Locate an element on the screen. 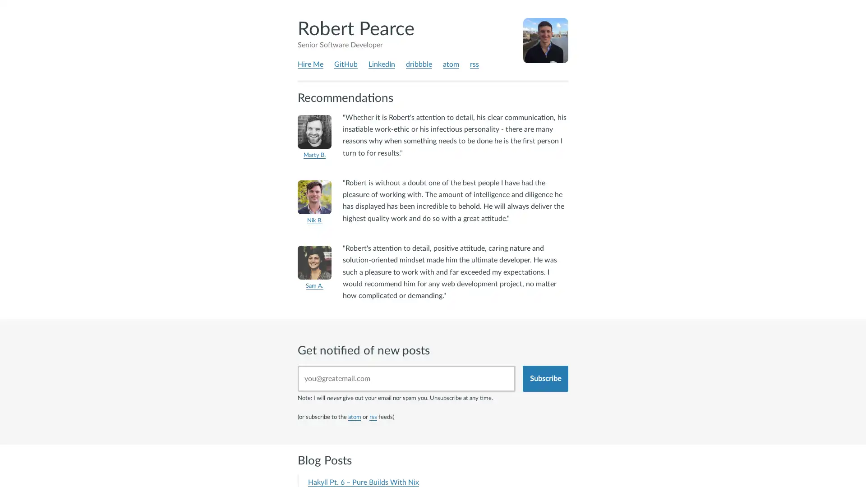  Subscribe is located at coordinates (545, 378).